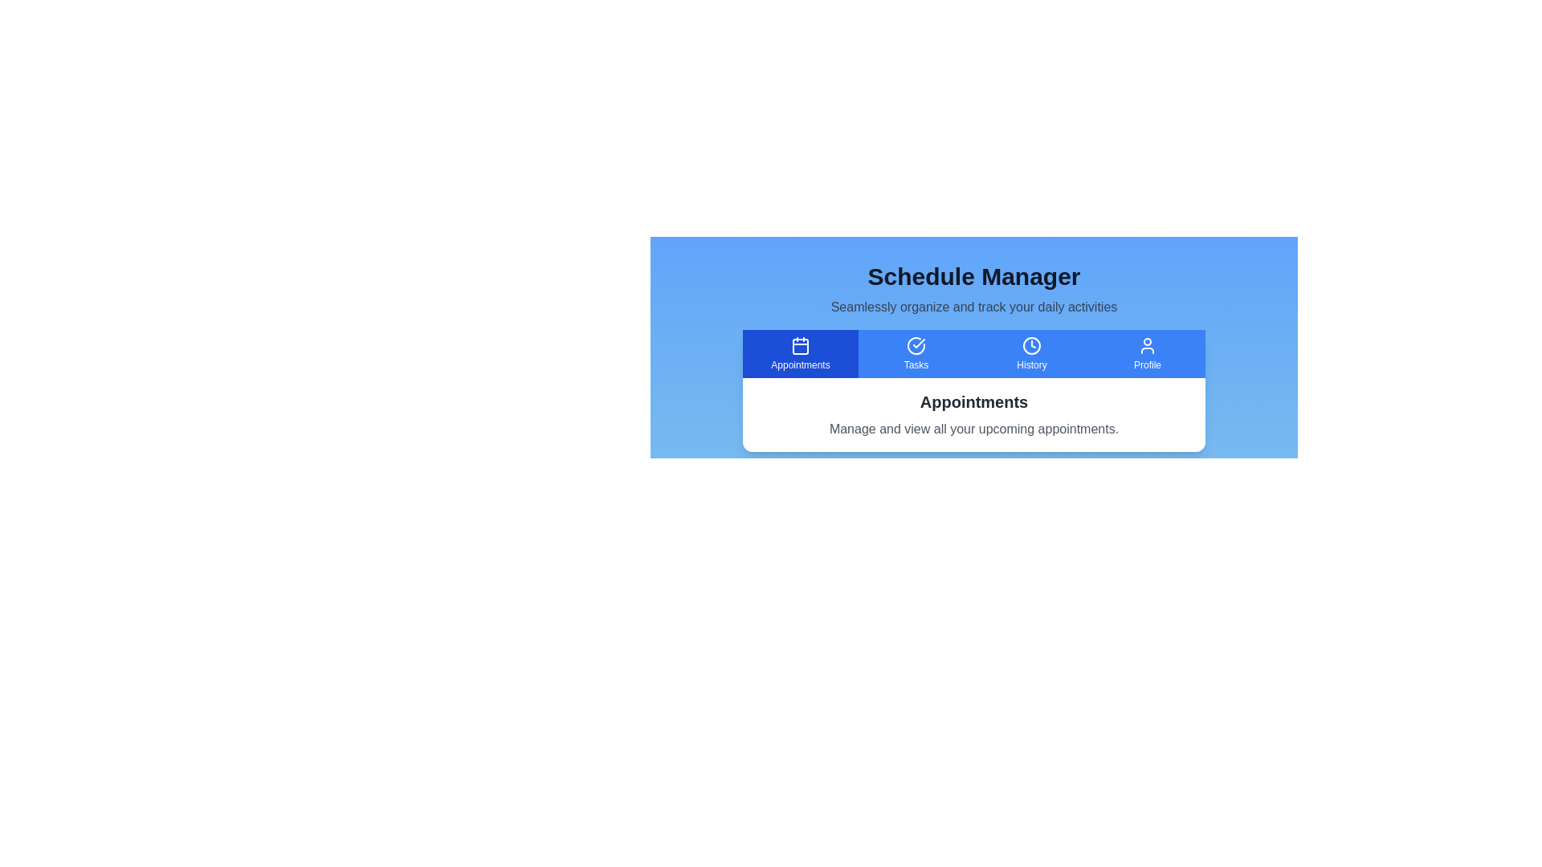  Describe the element at coordinates (801, 346) in the screenshot. I see `the blue rectangular box with rounded corners located centrally within the calendar icon in the tab bar under the 'Appointments' label` at that location.